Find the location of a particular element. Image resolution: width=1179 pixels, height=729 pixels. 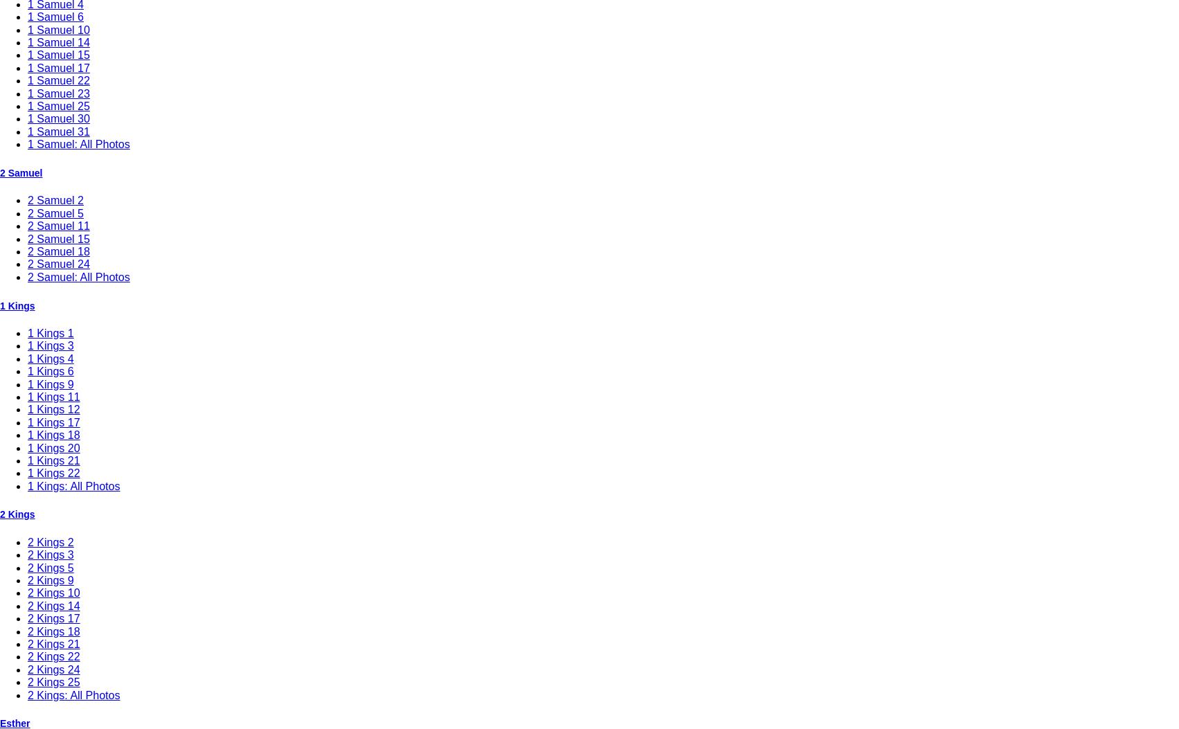

'2 Kings 5' is located at coordinates (51, 566).